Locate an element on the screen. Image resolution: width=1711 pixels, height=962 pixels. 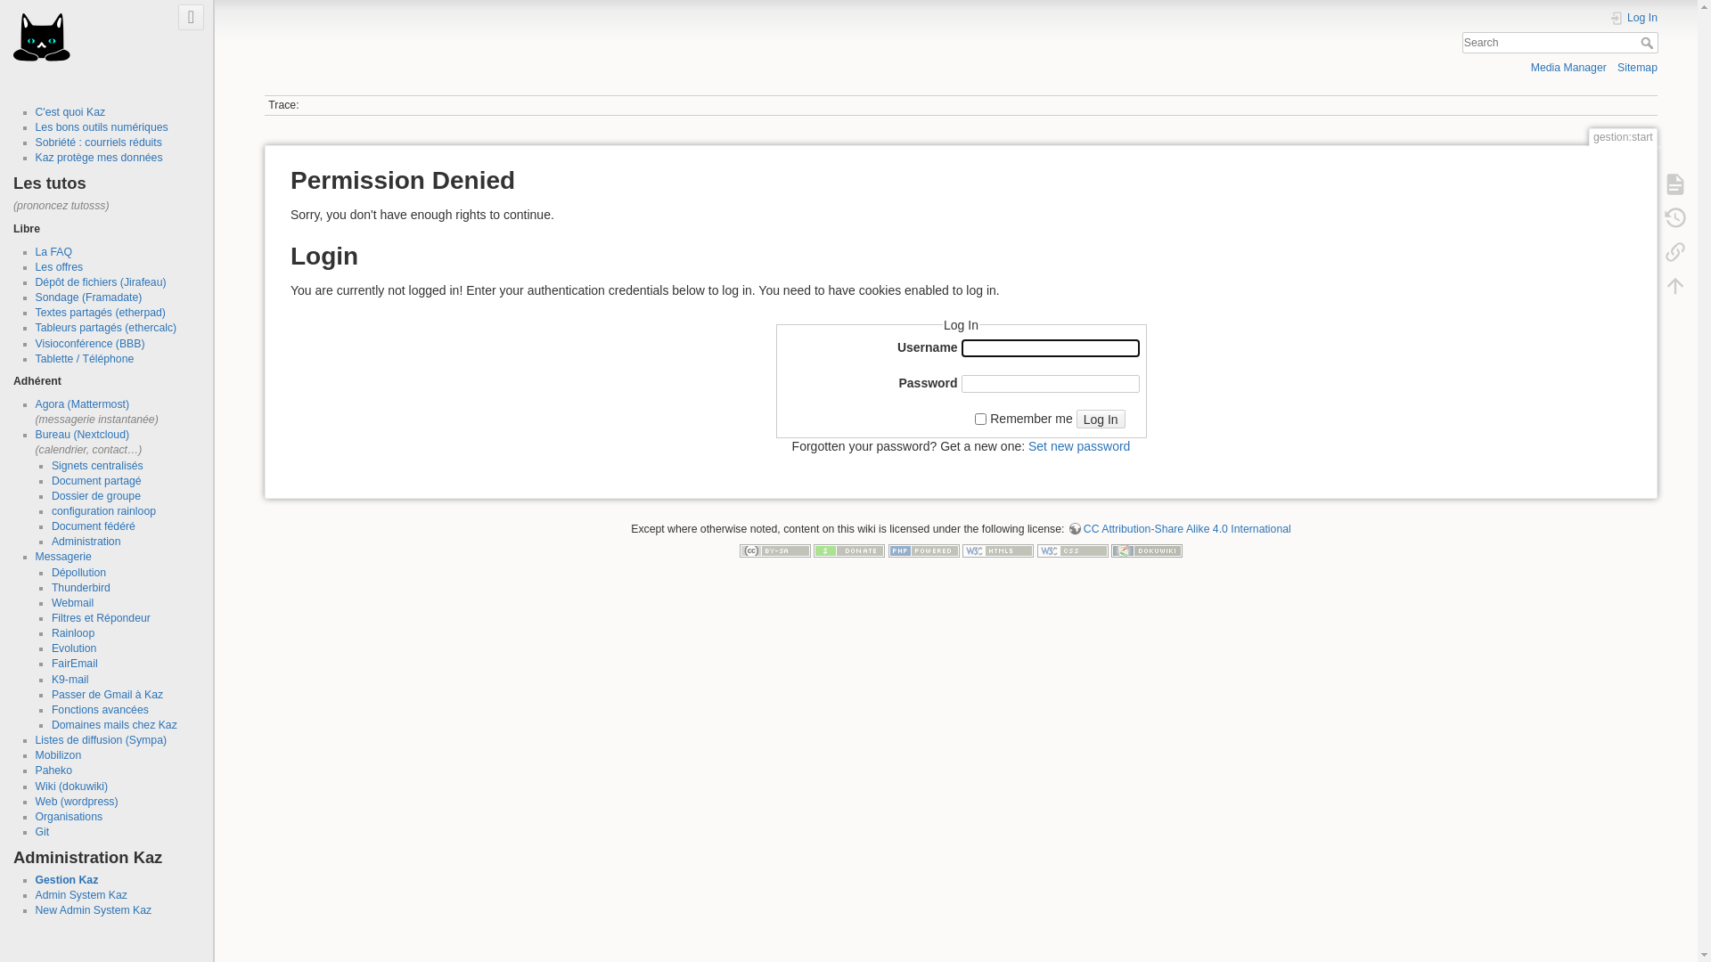
'Old revisions [o]' is located at coordinates (1674, 216).